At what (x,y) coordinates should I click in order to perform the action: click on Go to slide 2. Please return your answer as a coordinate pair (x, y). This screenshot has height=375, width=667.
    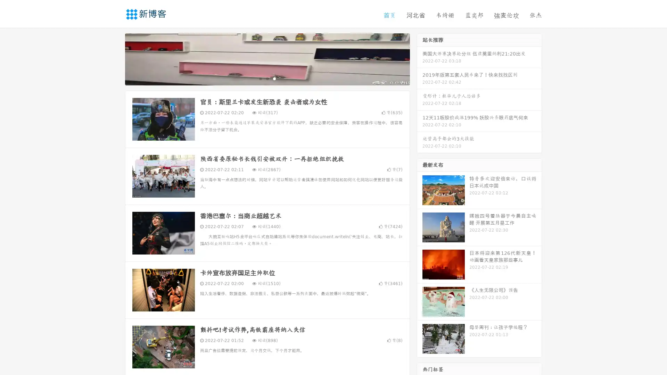
    Looking at the image, I should click on (267, 78).